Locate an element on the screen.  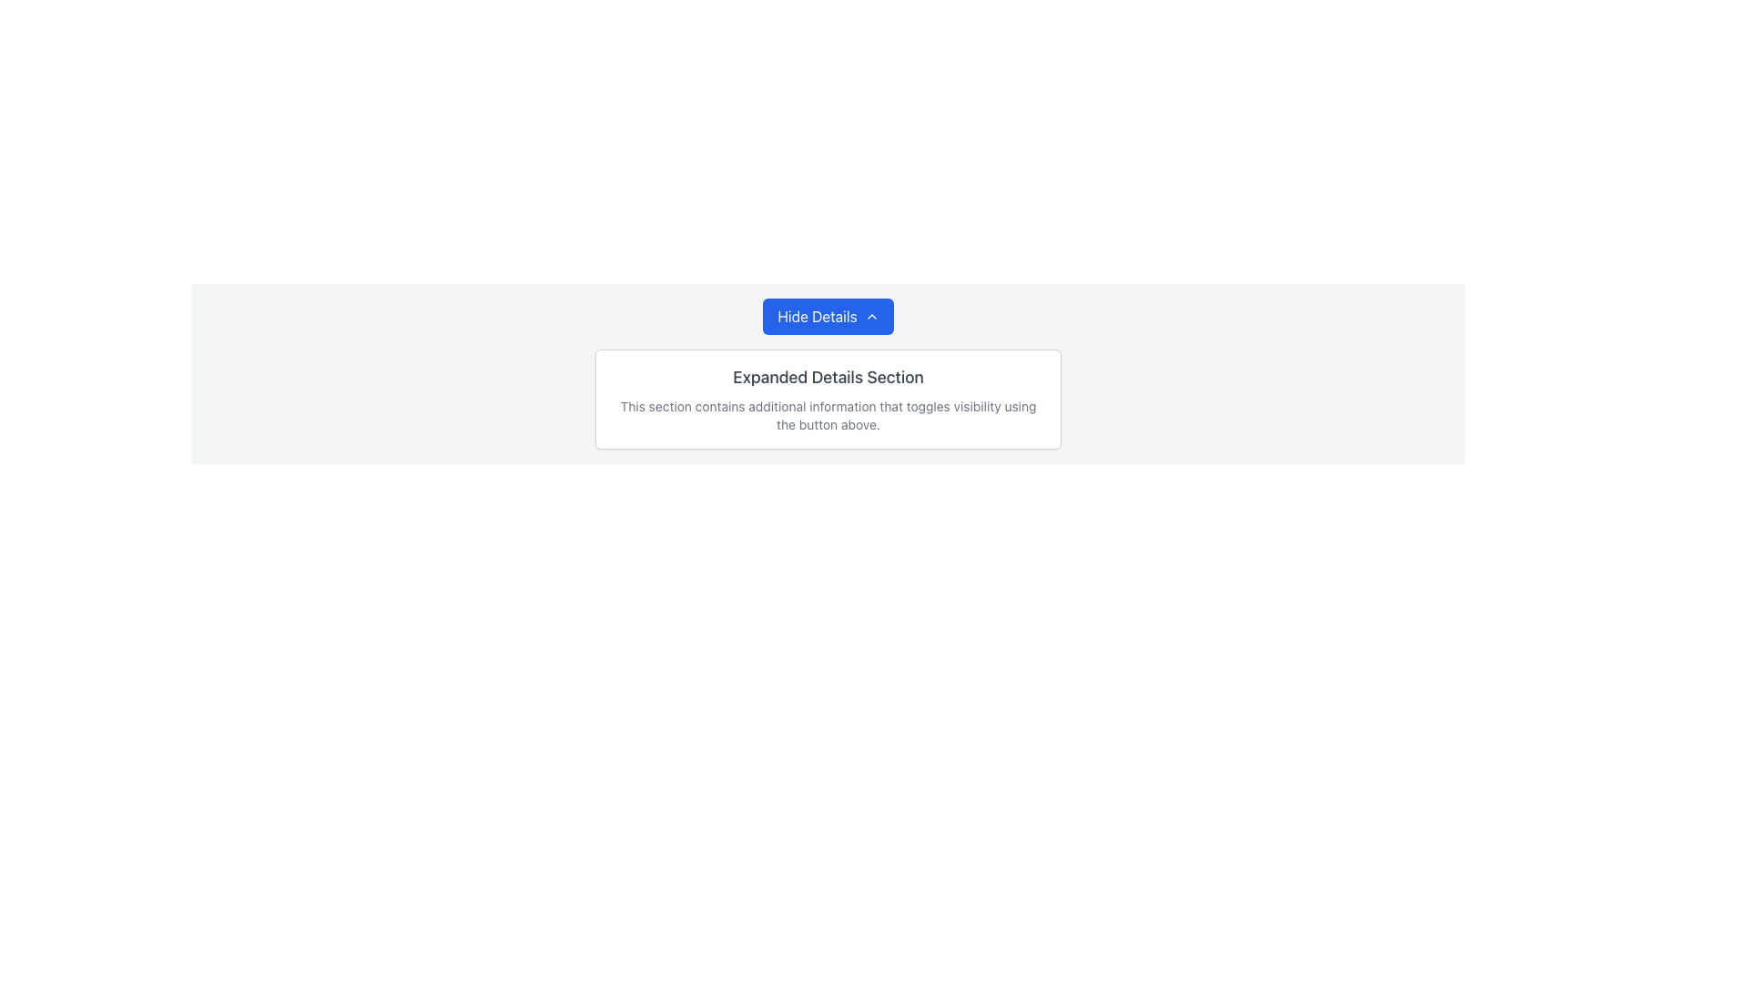
the Text header element, which serves as a descriptive title for the section, located at the top center of a white panel below the 'Hide Details' button is located at coordinates (828, 377).